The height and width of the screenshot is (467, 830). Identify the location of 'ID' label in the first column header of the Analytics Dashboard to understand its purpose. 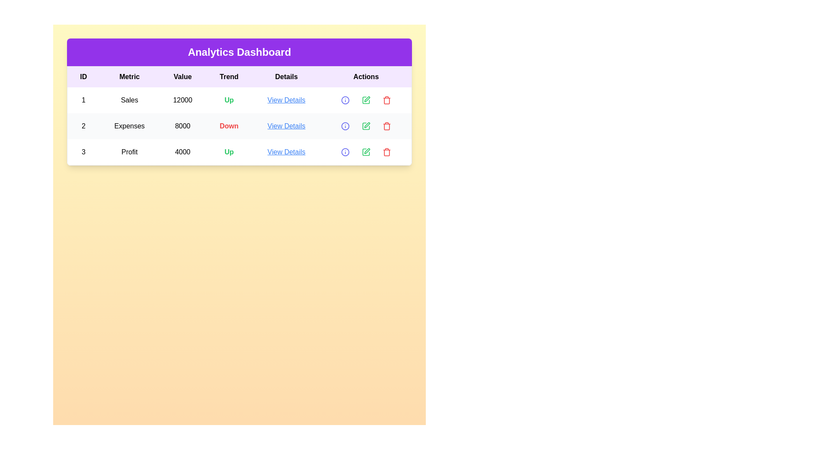
(83, 76).